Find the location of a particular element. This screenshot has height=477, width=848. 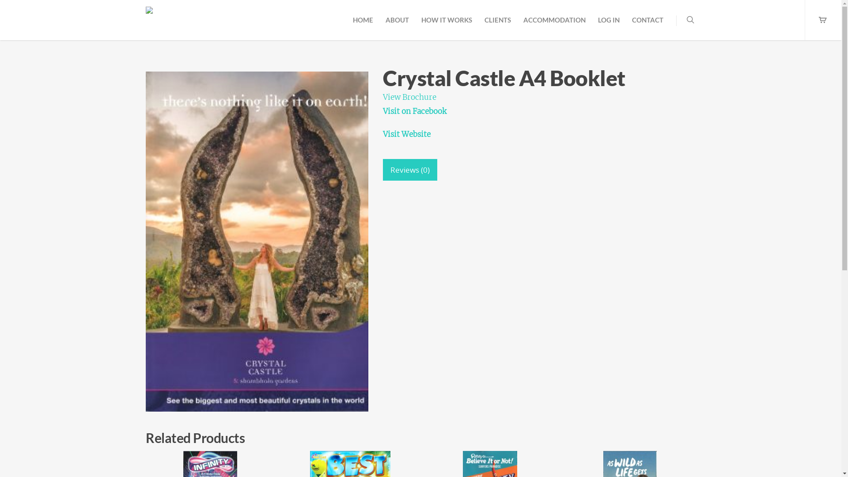

'HOW IT WORKS' is located at coordinates (415, 23).